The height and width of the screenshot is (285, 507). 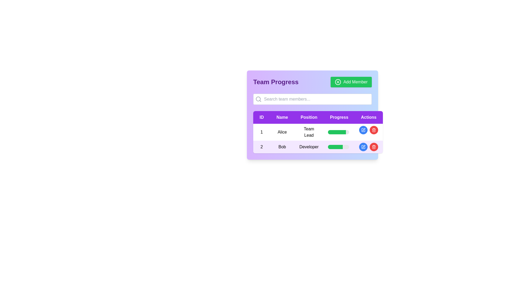 What do you see at coordinates (368, 147) in the screenshot?
I see `the button located in the 'Actions' column associated with the user 'Bob'` at bounding box center [368, 147].